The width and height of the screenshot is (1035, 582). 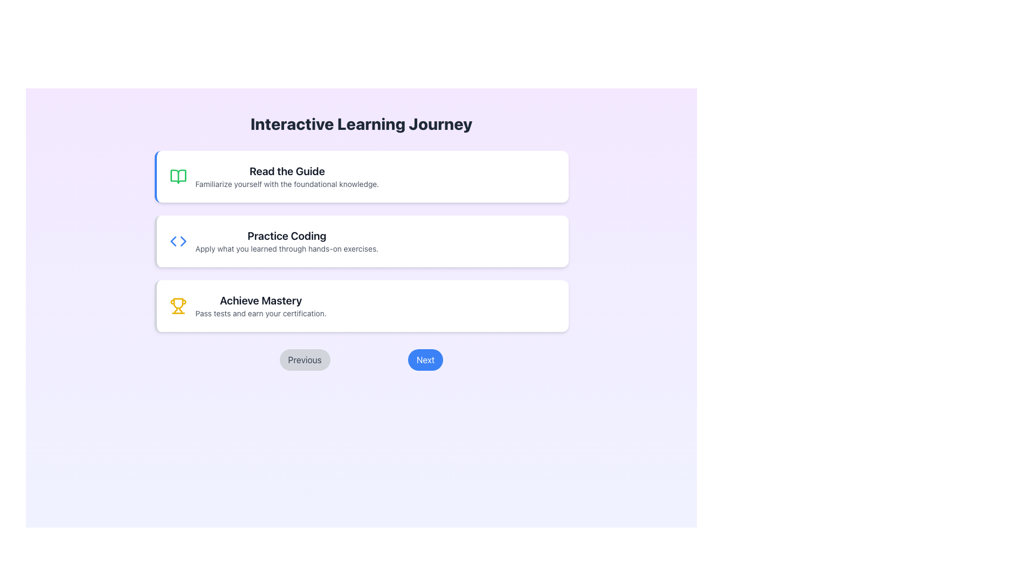 What do you see at coordinates (287, 235) in the screenshot?
I see `the title text element located in the middle of the second card in a vertical list, which summarizes the content of the section` at bounding box center [287, 235].